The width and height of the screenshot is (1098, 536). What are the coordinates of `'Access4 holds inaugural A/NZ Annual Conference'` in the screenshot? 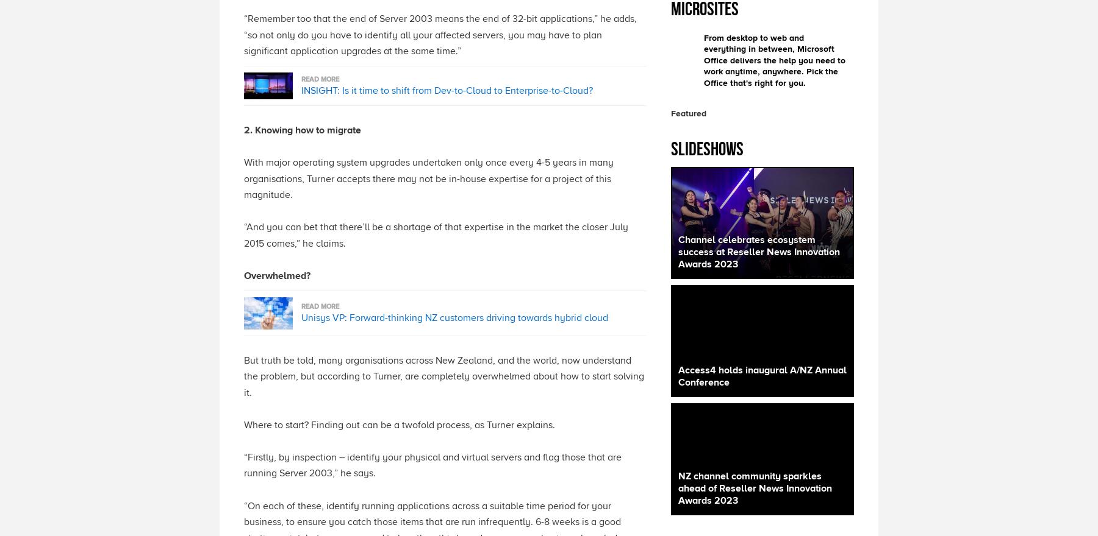 It's located at (762, 376).